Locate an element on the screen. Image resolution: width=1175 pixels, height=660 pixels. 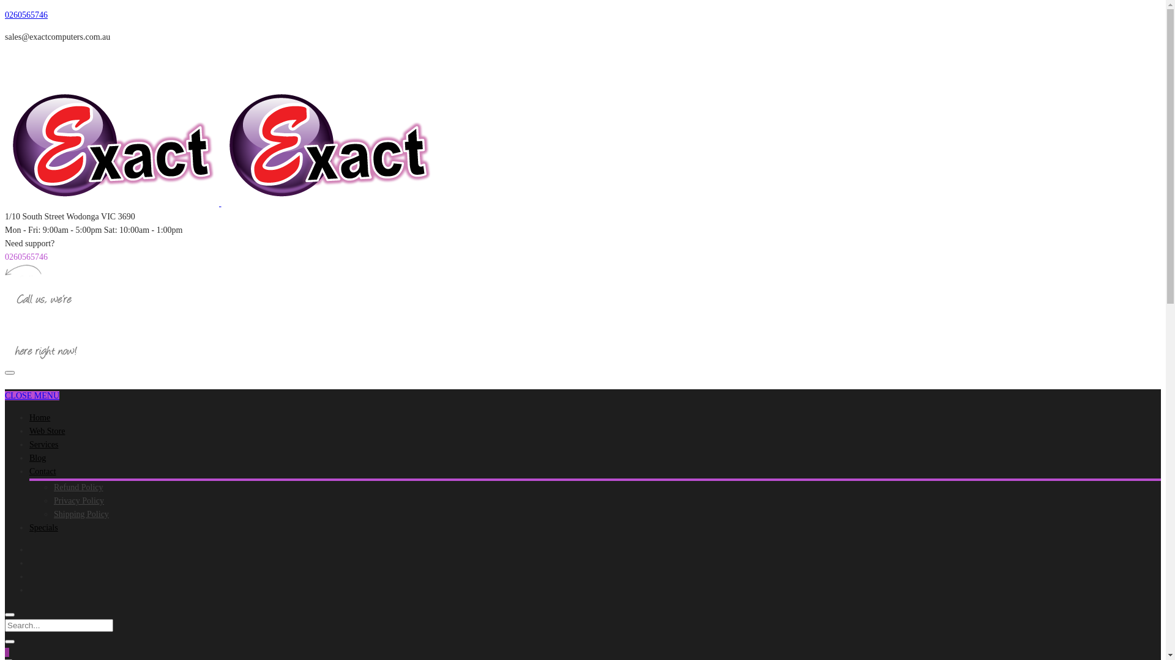
'Specials' is located at coordinates (43, 527).